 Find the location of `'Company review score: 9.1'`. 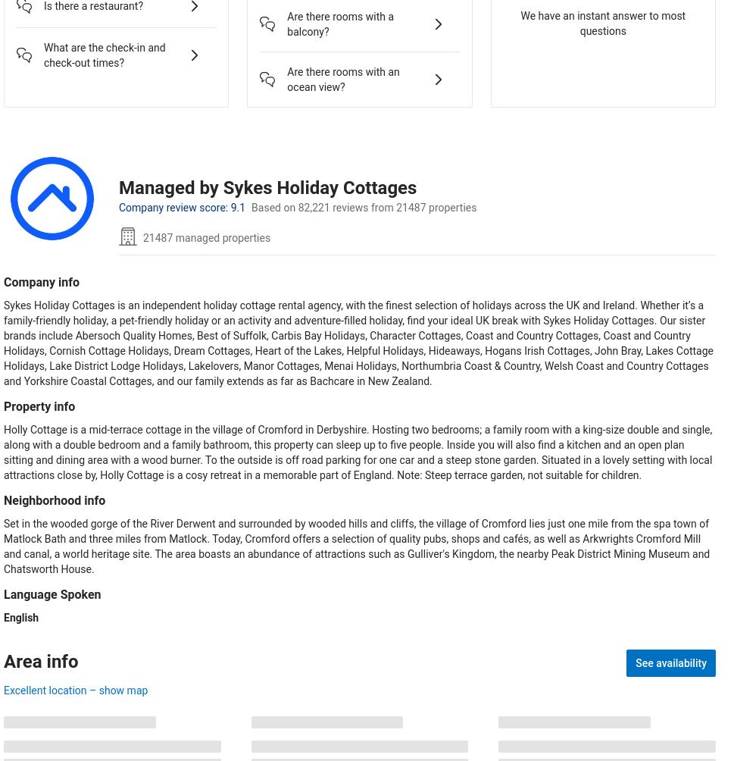

'Company review score: 9.1' is located at coordinates (181, 206).